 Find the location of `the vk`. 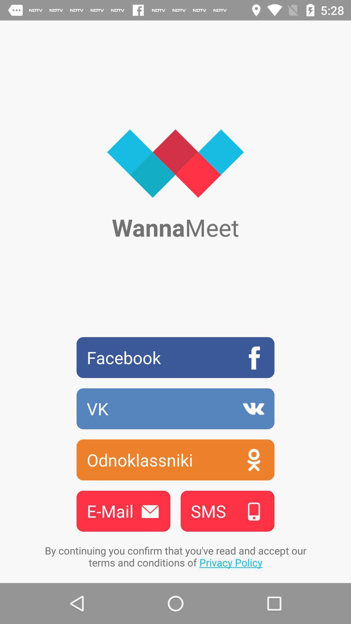

the vk is located at coordinates (175, 408).